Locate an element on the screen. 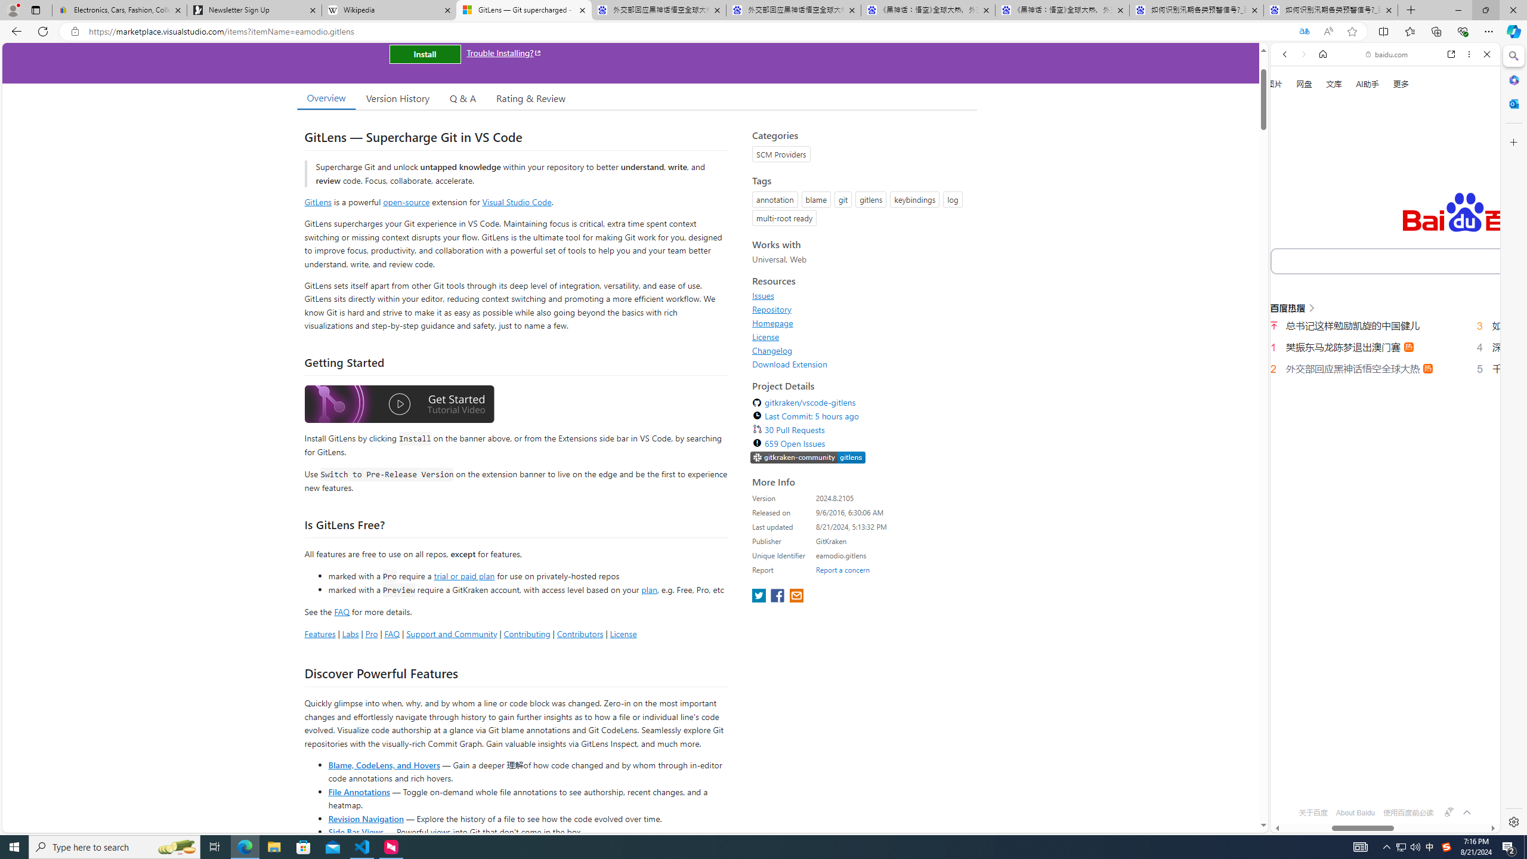 The image size is (1527, 859). 'Features' is located at coordinates (319, 633).